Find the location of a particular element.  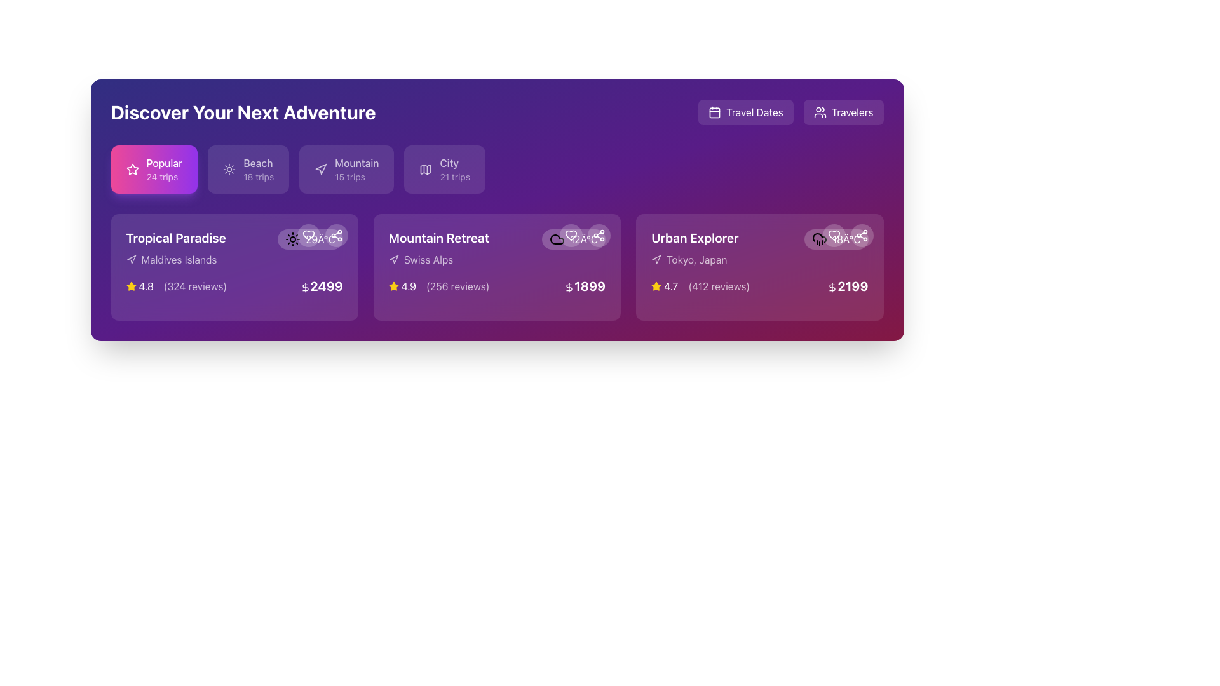

the circular share button with a semi-transparent white background and share symbol icon located at the top-right corner, next to the heart-shaped button to share content is located at coordinates (336, 235).